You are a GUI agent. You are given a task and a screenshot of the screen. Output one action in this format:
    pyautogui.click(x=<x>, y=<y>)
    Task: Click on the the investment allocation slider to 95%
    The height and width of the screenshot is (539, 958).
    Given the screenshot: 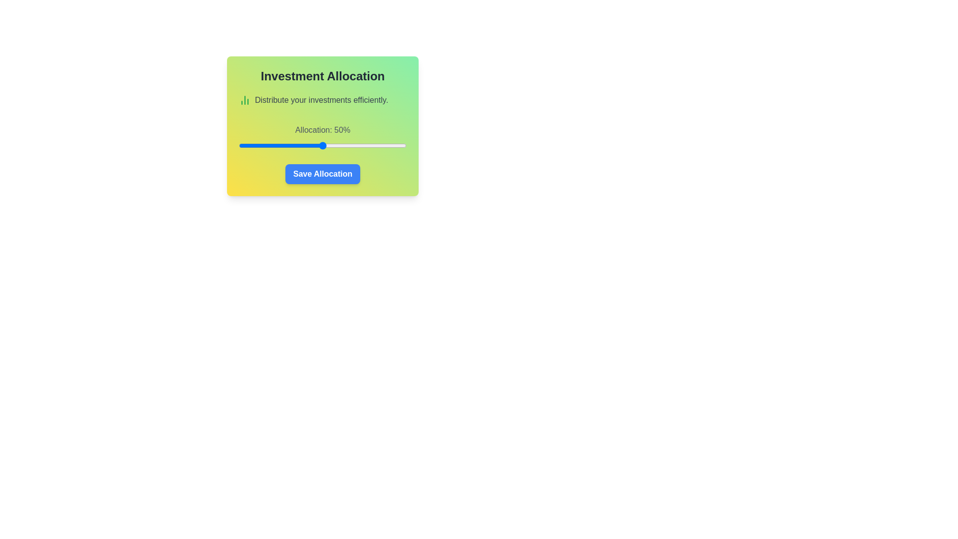 What is the action you would take?
    pyautogui.click(x=398, y=146)
    